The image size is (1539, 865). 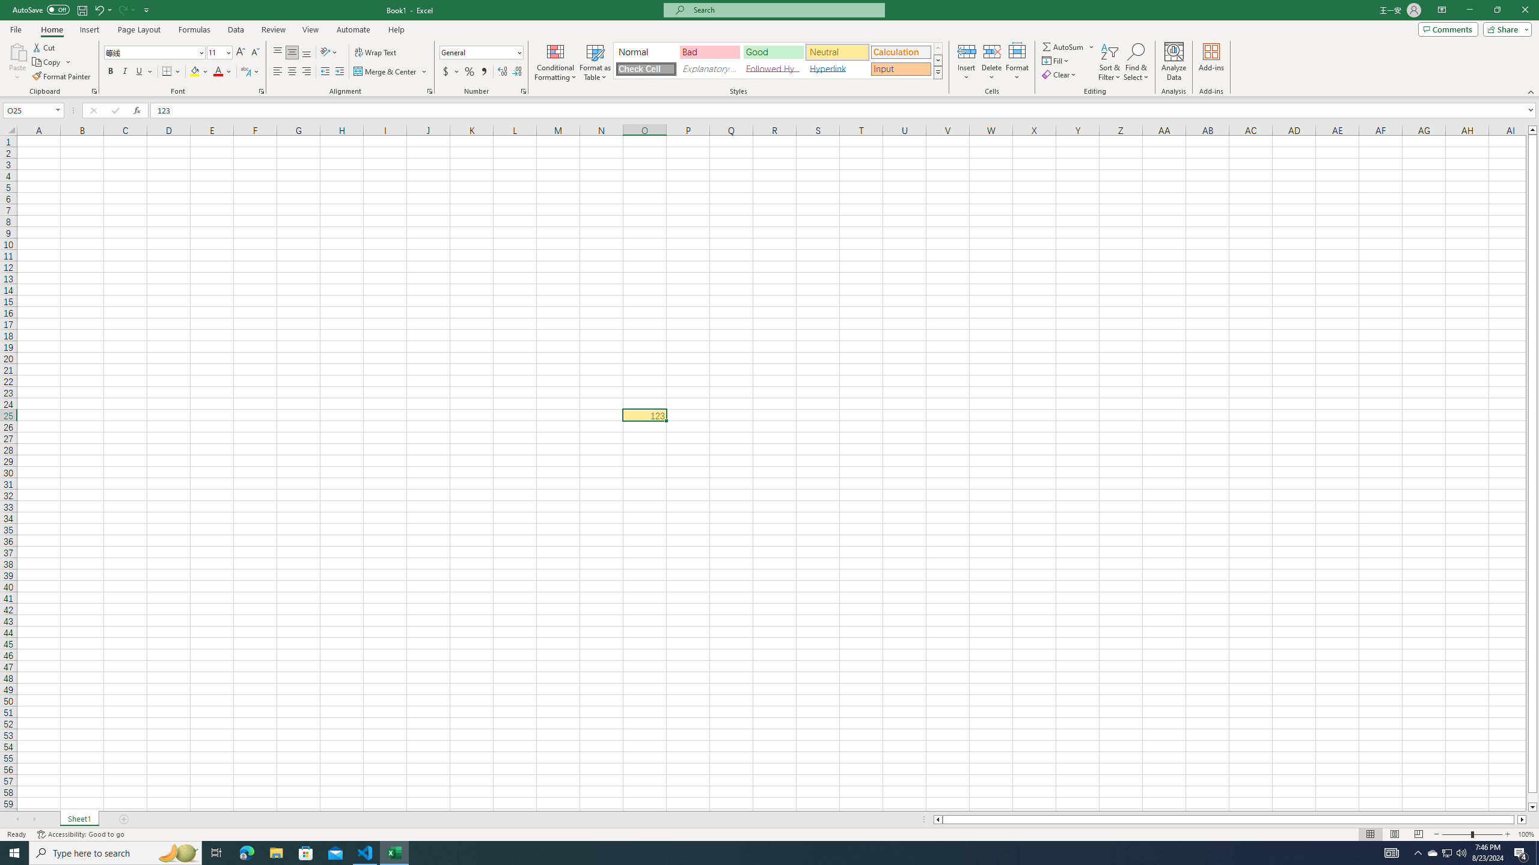 I want to click on 'Page right', so click(x=1515, y=819).